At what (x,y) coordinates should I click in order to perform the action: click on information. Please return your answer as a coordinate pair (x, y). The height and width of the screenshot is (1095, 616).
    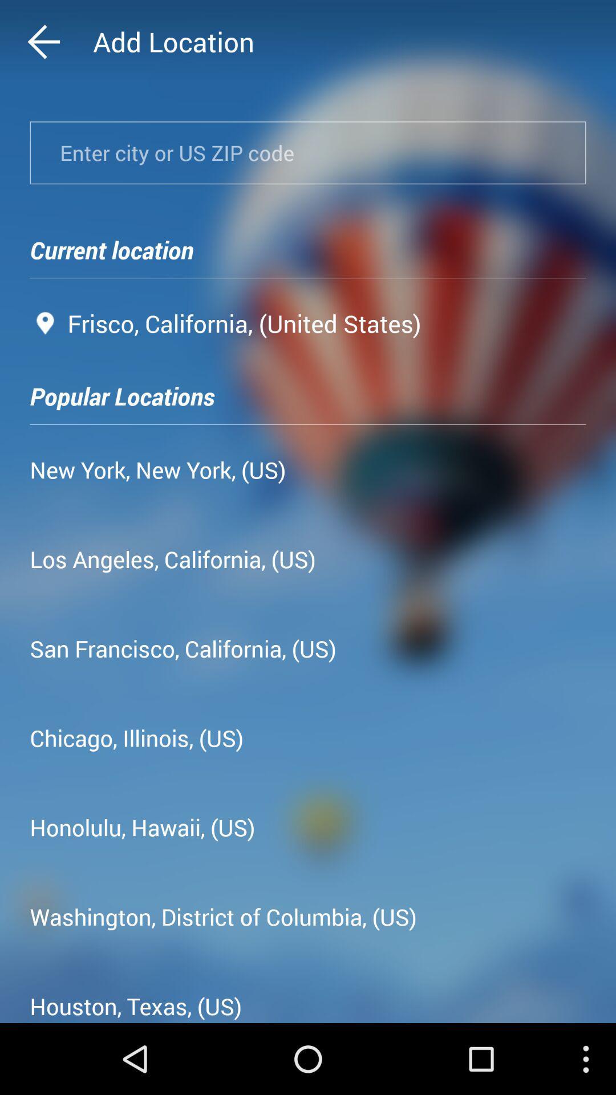
    Looking at the image, I should click on (308, 152).